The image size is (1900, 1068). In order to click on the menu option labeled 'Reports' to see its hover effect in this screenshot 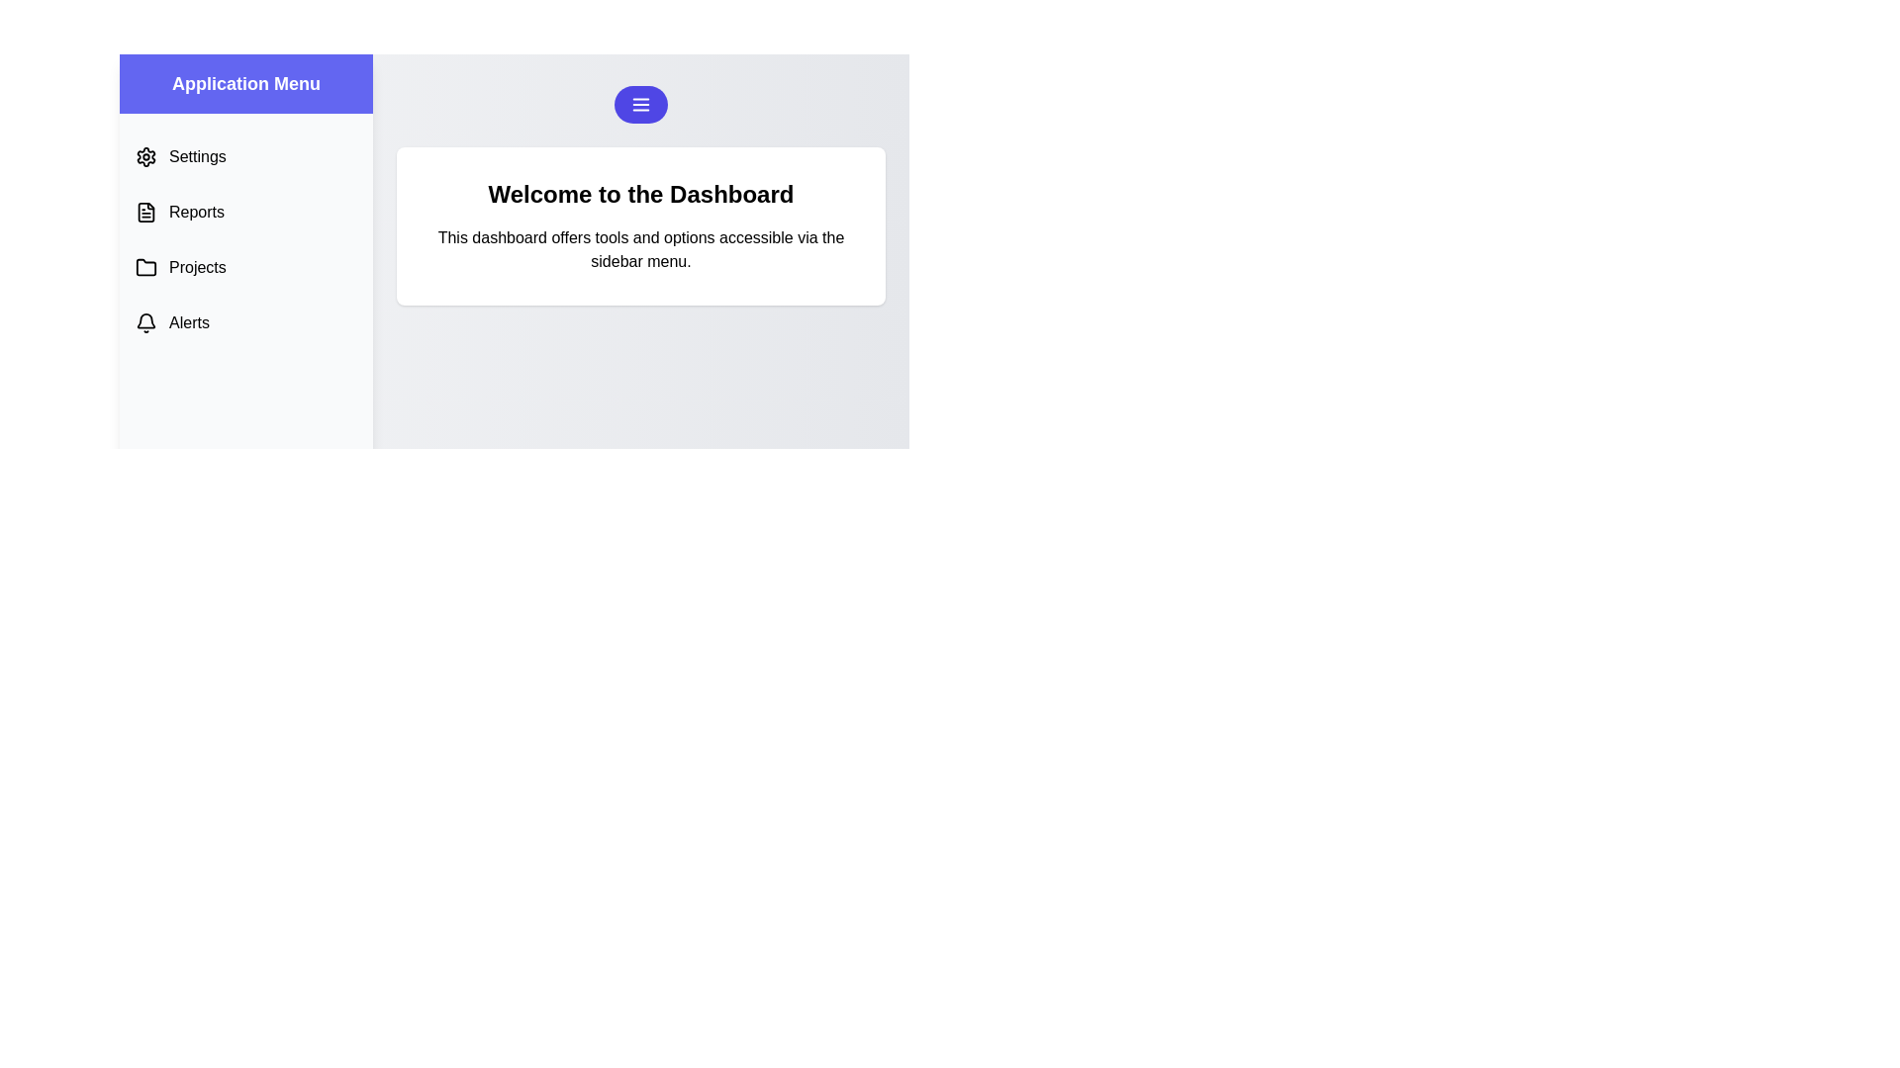, I will do `click(245, 213)`.